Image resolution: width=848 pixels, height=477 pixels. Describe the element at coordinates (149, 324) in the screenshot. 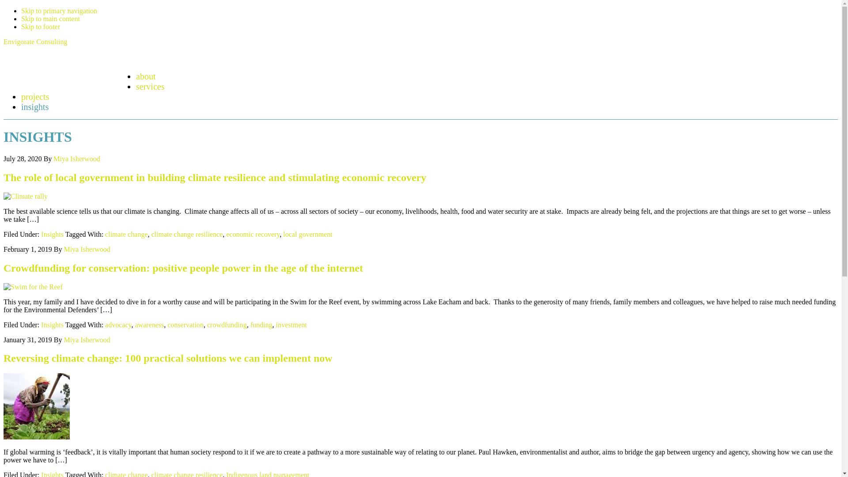

I see `'awareness'` at that location.